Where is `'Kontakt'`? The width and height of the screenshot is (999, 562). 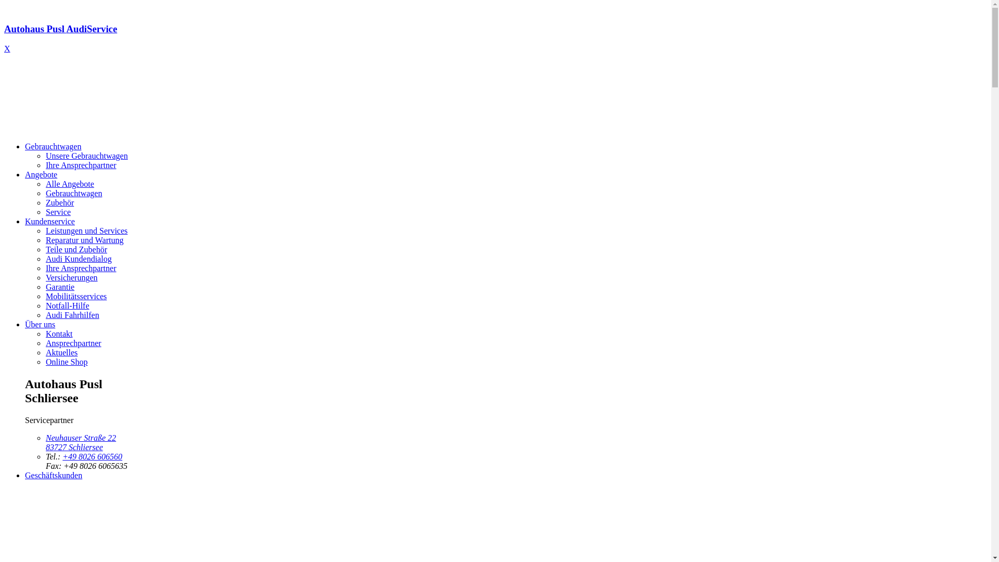
'Kontakt' is located at coordinates (59, 334).